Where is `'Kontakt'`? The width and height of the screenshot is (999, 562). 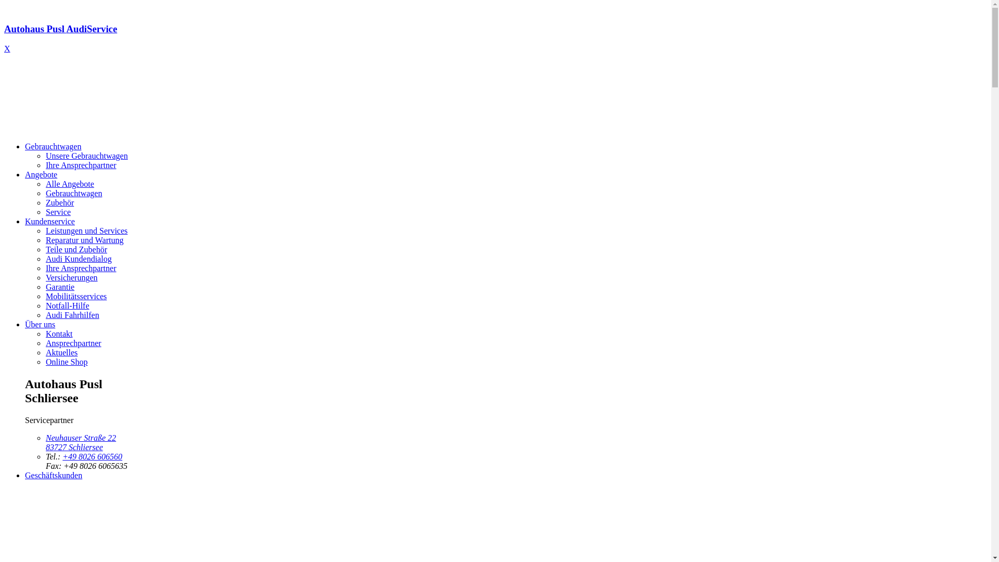
'Kontakt' is located at coordinates (59, 334).